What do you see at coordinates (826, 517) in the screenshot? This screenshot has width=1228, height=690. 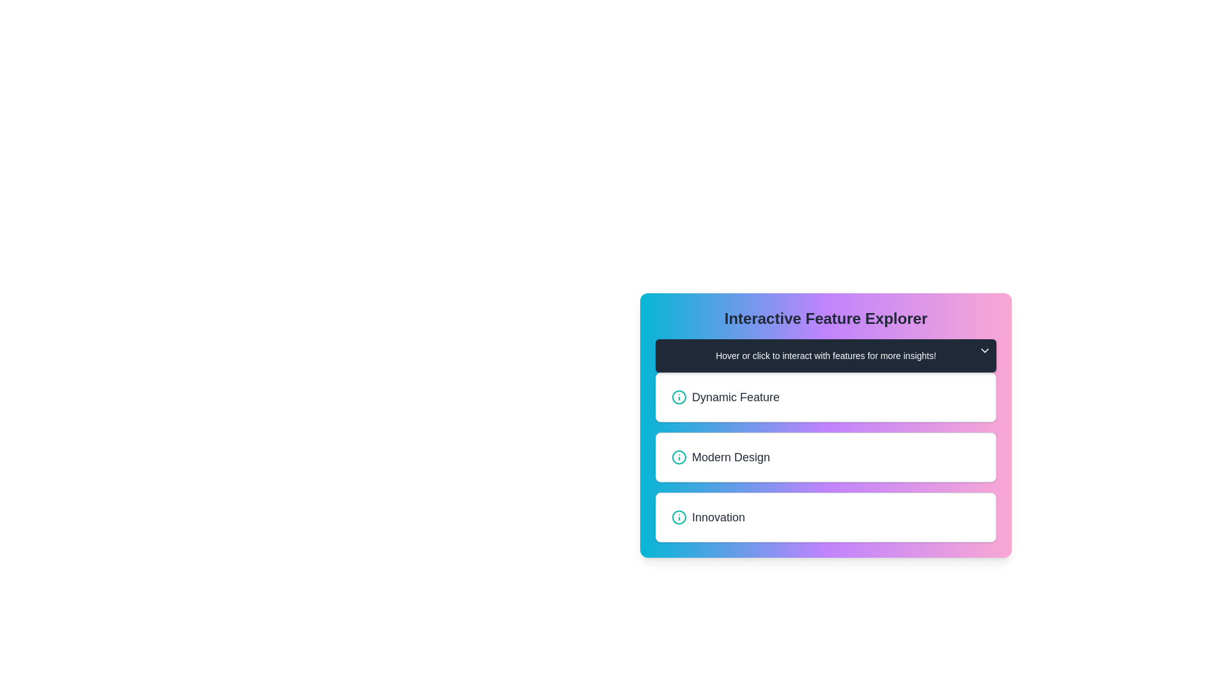 I see `the third selectable list item in the feature list` at bounding box center [826, 517].